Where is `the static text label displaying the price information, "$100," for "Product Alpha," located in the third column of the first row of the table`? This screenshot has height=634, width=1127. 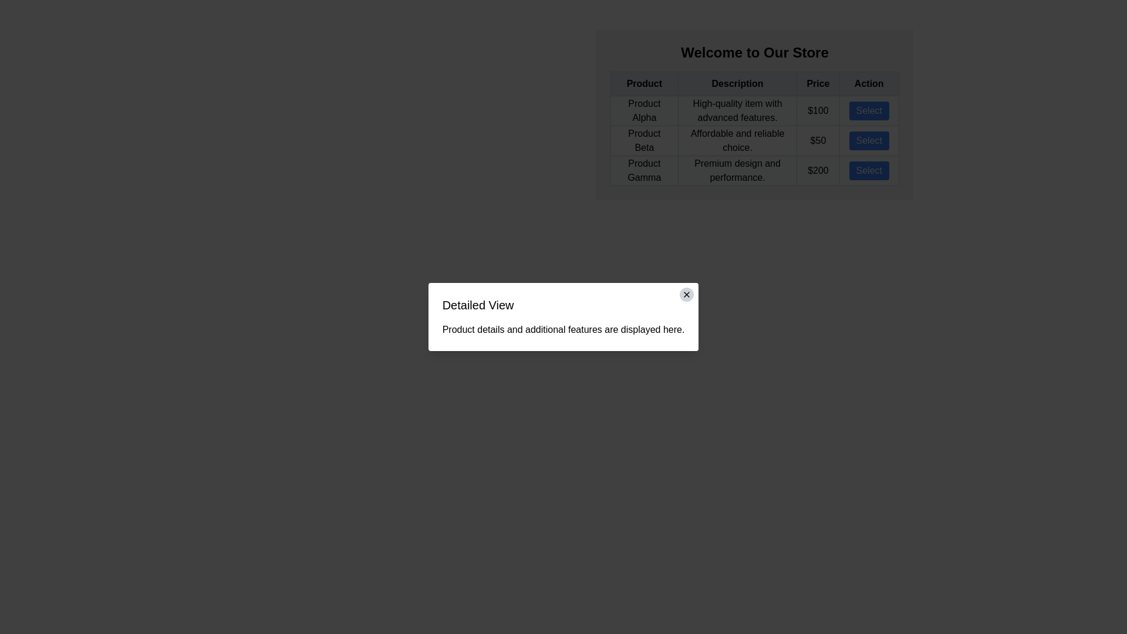 the static text label displaying the price information, "$100," for "Product Alpha," located in the third column of the first row of the table is located at coordinates (817, 111).